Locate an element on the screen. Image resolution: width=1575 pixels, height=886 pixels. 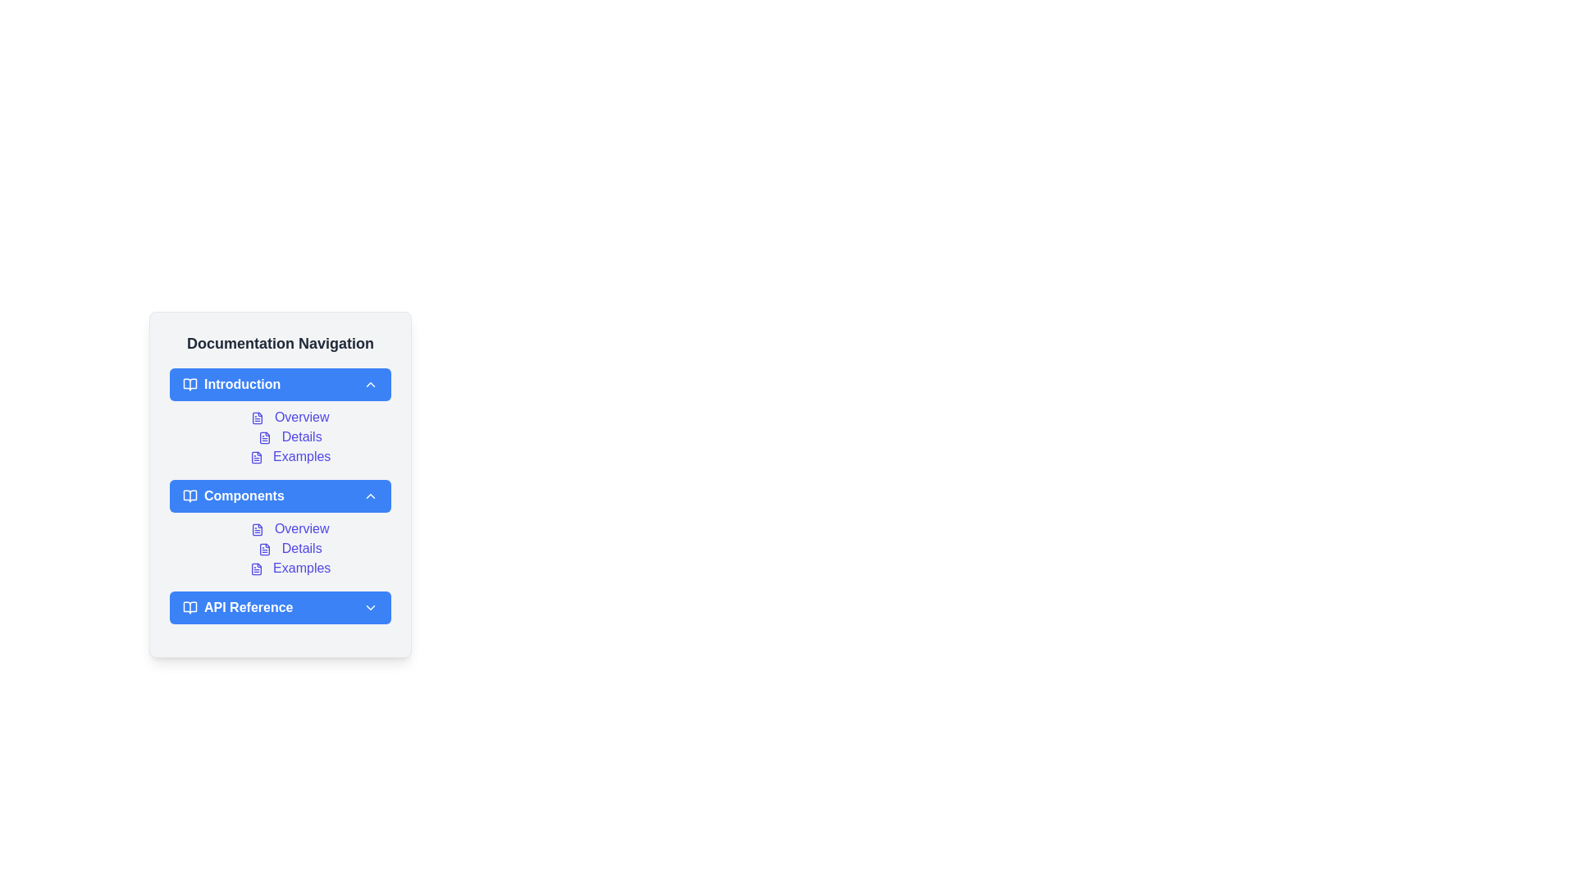
the downward-pointing chevron icon representing a collapsible or expandable state, which is part of the 'API Reference' button is located at coordinates (369, 607).